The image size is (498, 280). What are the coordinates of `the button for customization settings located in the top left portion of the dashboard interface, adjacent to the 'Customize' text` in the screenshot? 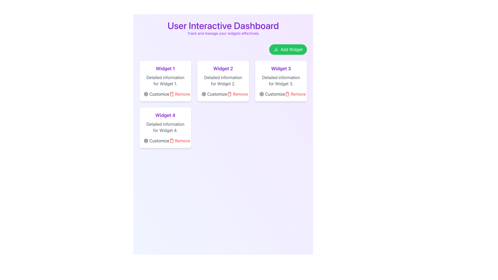 It's located at (146, 94).